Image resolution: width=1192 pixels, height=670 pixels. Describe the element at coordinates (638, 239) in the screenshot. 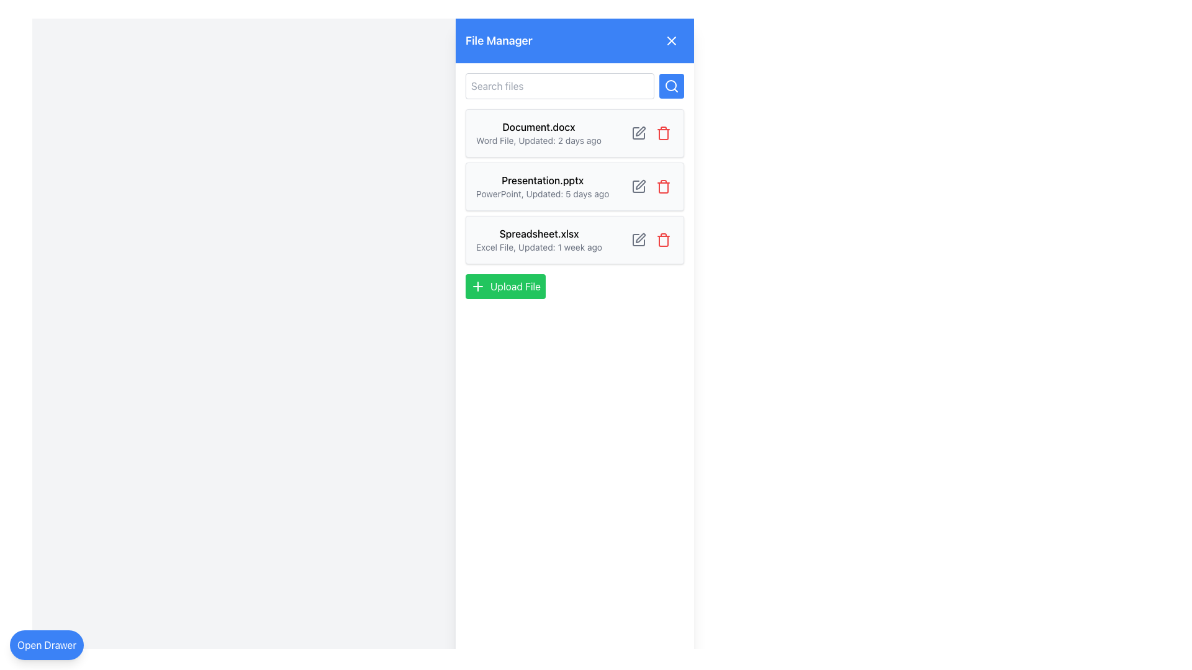

I see `the 'edit' button for the document 'Spreadsheet.xlsx', which is the third item in the list and is positioned to the left of the red trash icon` at that location.